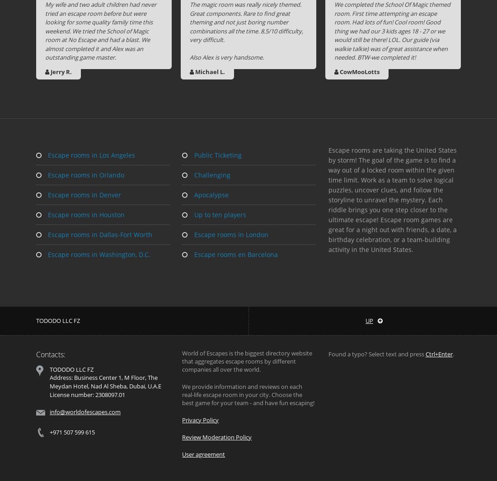 This screenshot has height=481, width=497. What do you see at coordinates (84, 214) in the screenshot?
I see `'Escape rooms in Houston'` at bounding box center [84, 214].